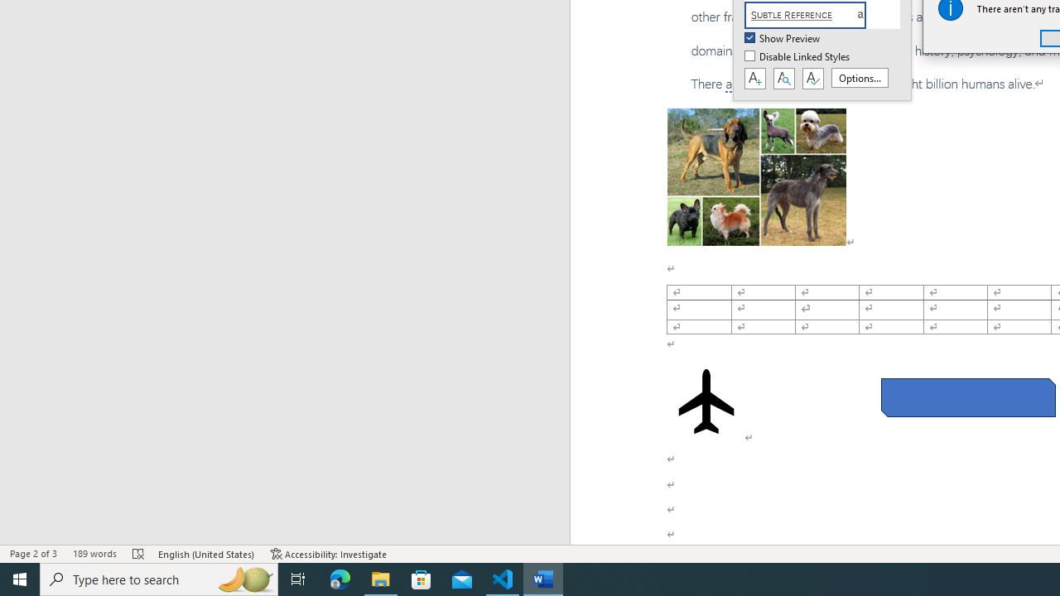 The height and width of the screenshot is (596, 1060). Describe the element at coordinates (206, 554) in the screenshot. I see `'Language English (United States)'` at that location.